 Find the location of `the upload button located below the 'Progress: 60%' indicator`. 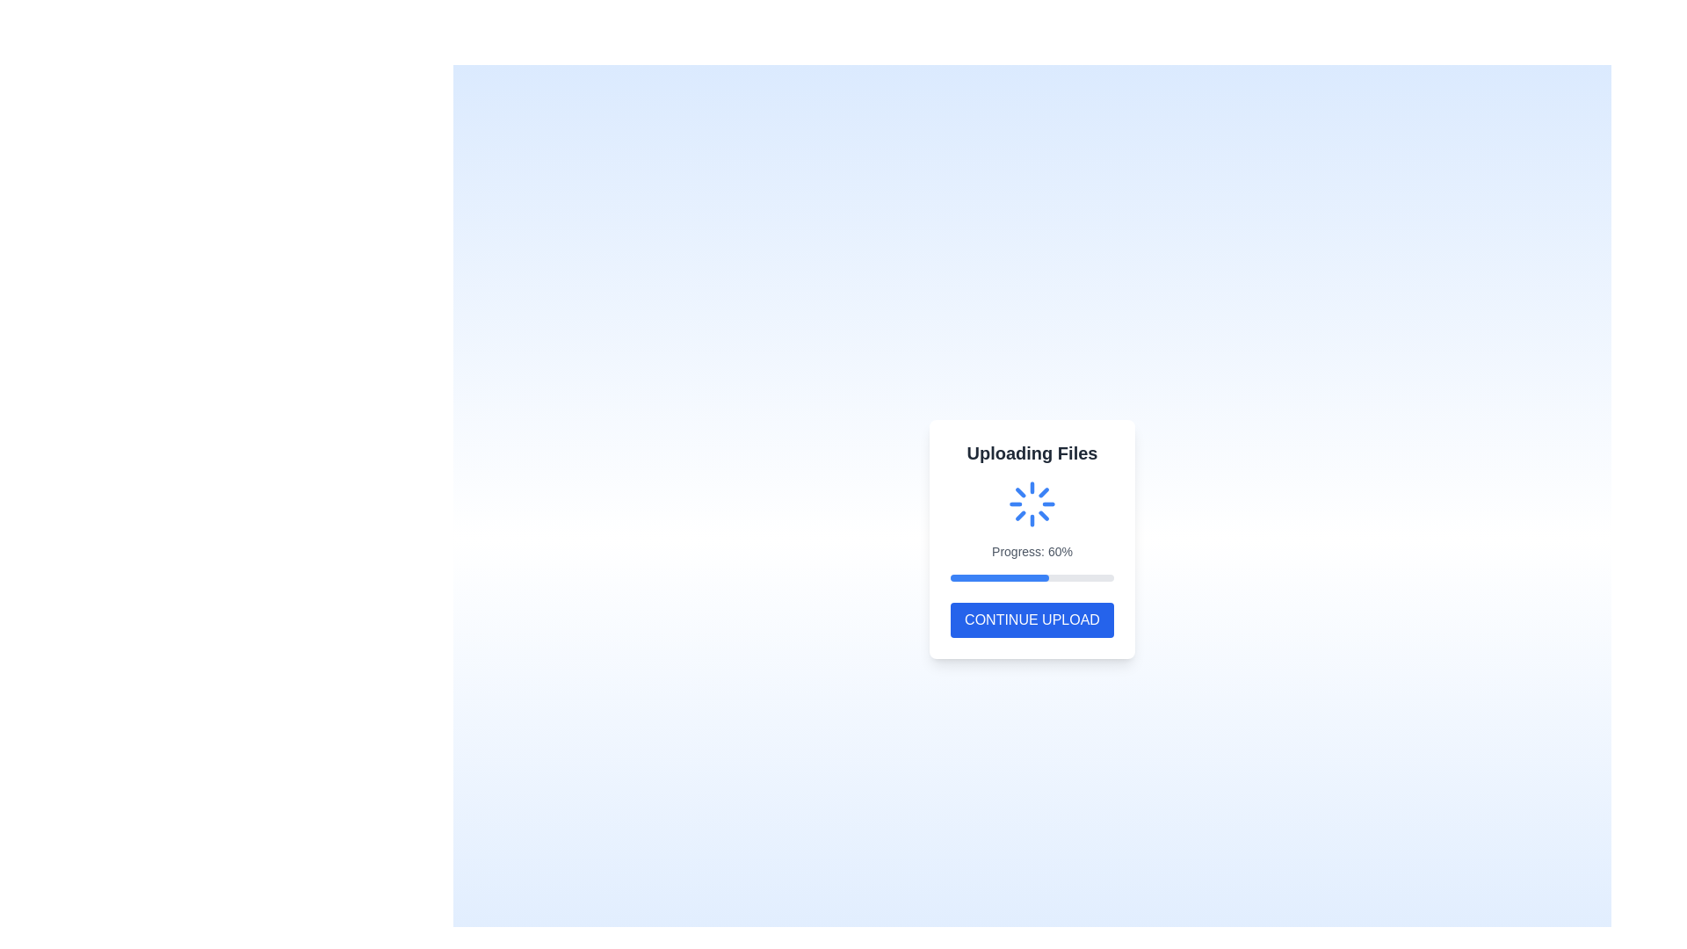

the upload button located below the 'Progress: 60%' indicator is located at coordinates (1032, 619).